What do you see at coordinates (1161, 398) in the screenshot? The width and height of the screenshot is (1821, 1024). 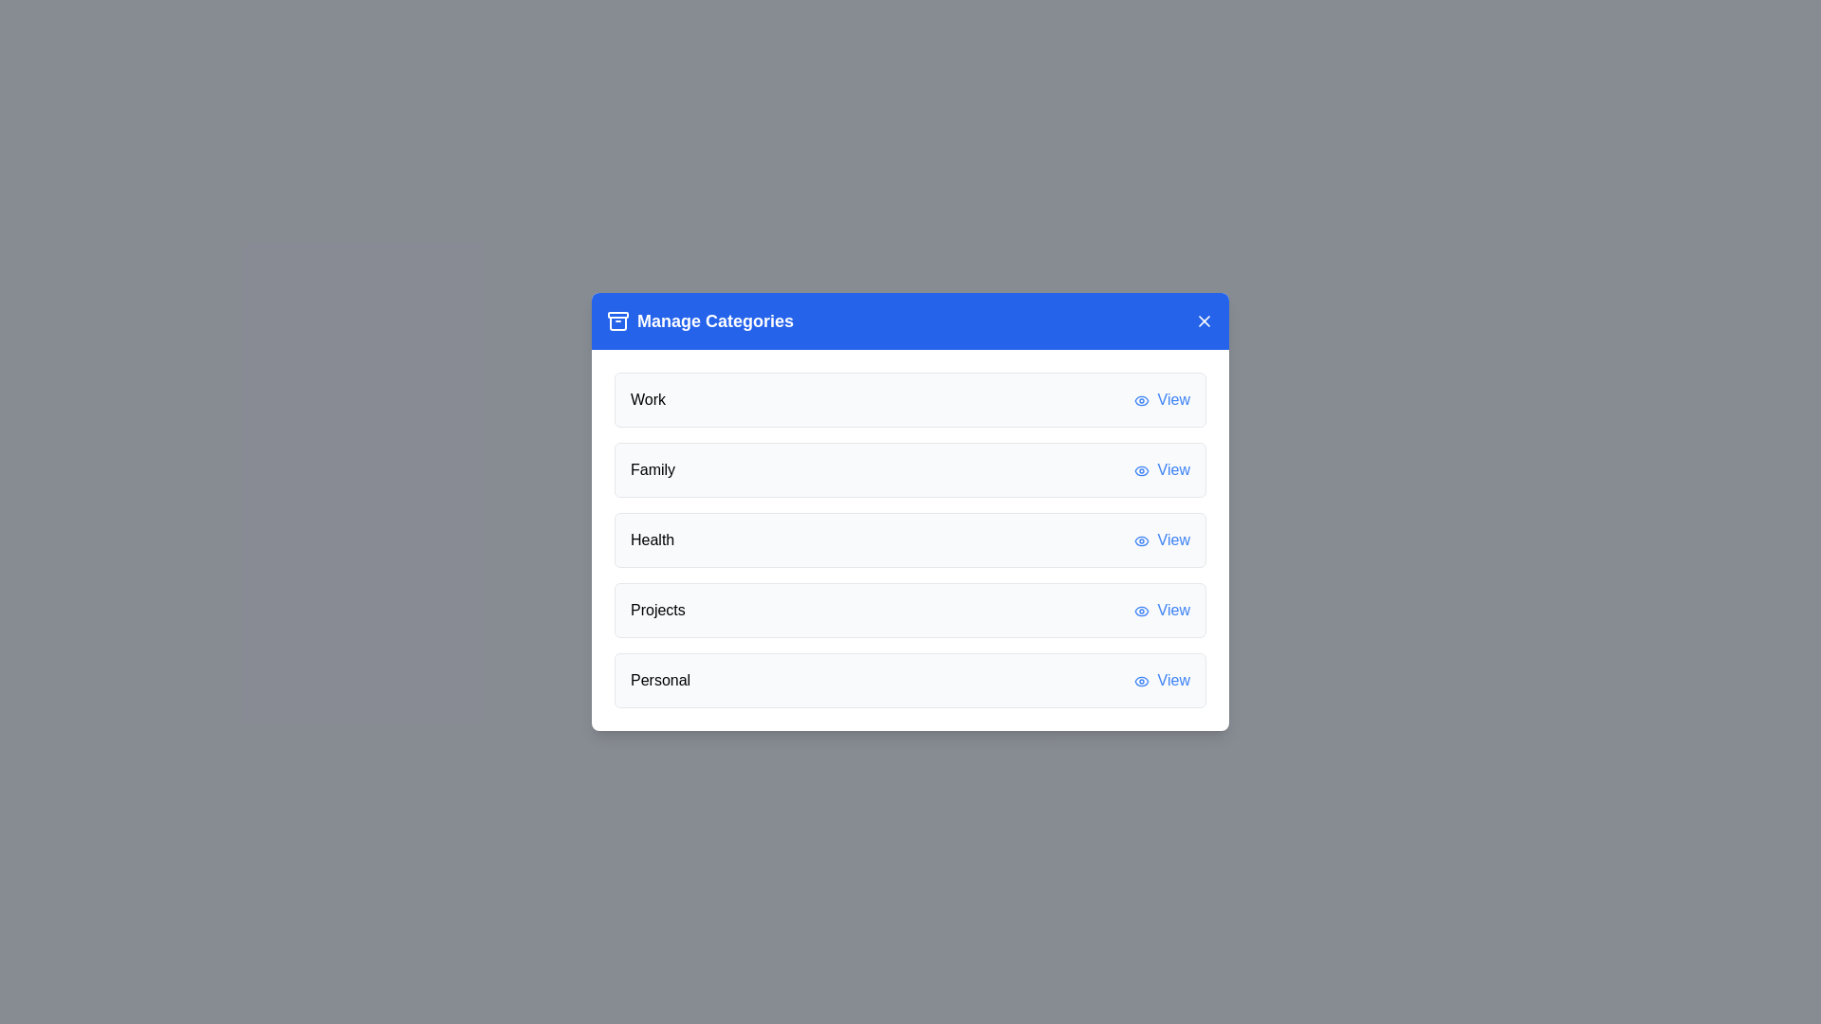 I see `the 'View' button for the category Work` at bounding box center [1161, 398].